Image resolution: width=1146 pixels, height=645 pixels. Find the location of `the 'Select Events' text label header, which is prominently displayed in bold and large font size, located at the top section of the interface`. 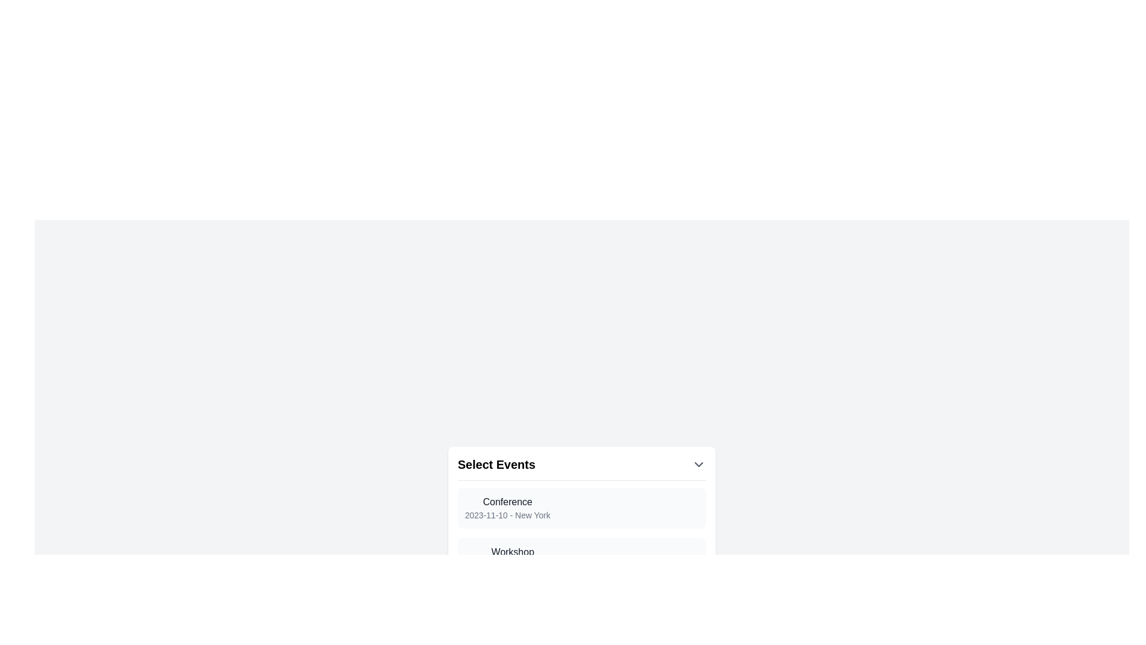

the 'Select Events' text label header, which is prominently displayed in bold and large font size, located at the top section of the interface is located at coordinates (497, 463).